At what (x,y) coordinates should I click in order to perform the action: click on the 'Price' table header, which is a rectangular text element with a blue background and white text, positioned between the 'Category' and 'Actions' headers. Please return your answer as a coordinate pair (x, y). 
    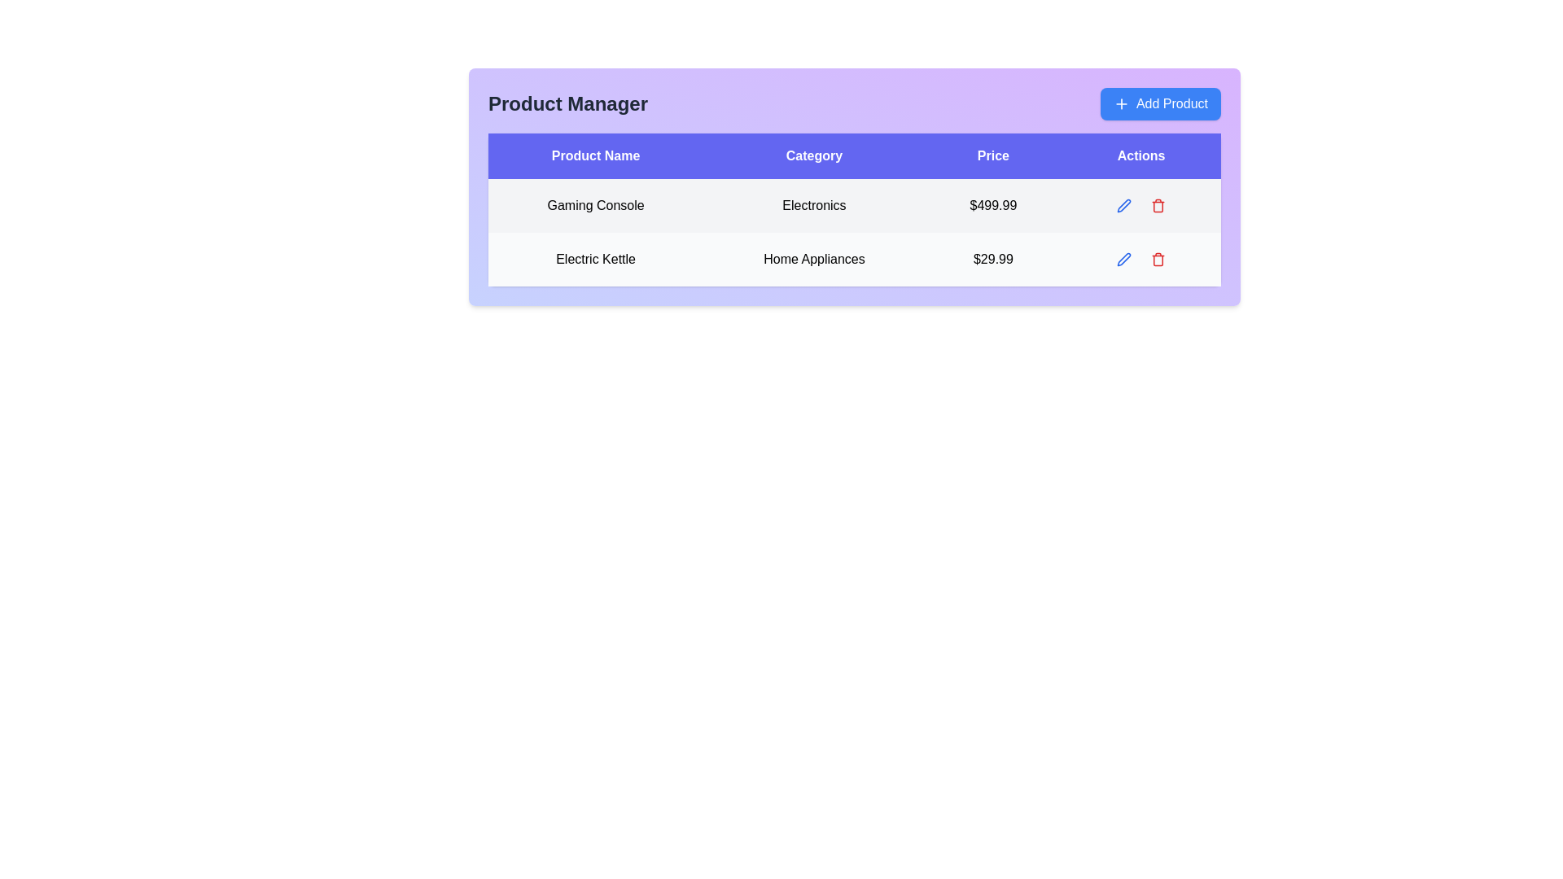
    Looking at the image, I should click on (992, 156).